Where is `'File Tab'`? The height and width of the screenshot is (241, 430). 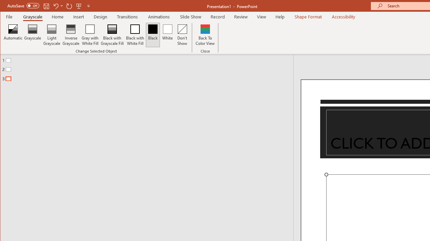
'File Tab' is located at coordinates (9, 16).